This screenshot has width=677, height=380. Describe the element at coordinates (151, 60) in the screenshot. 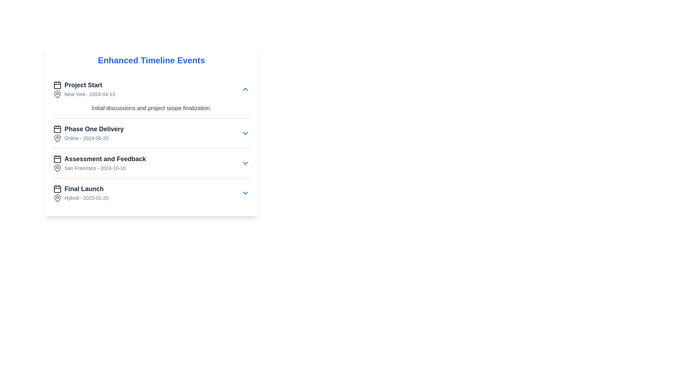

I see `the header text element that says 'Enhanced Timeline Events', prominently styled in blue and bold at the top of the white card` at that location.